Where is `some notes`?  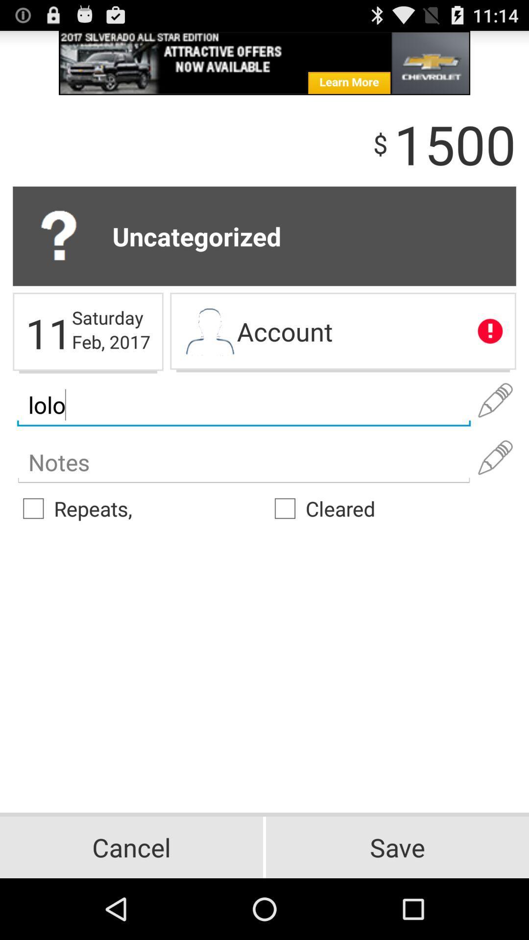 some notes is located at coordinates (243, 462).